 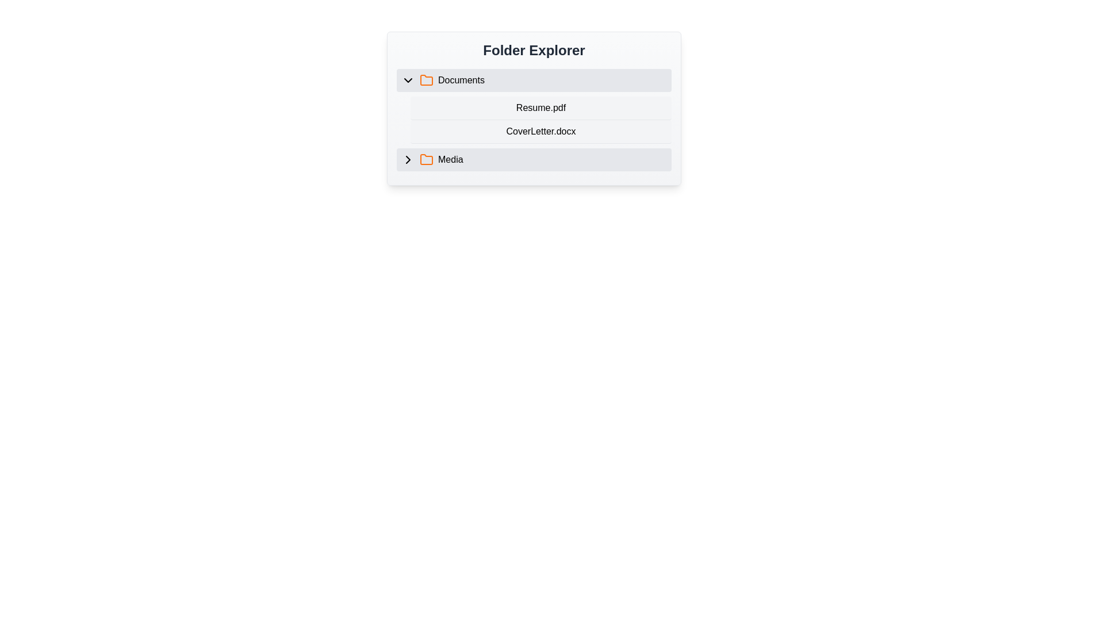 I want to click on the folder icon located within the 'Media' button, which is positioned near the bottom of the folder explorer, aligned with the text 'Media', so click(x=426, y=159).